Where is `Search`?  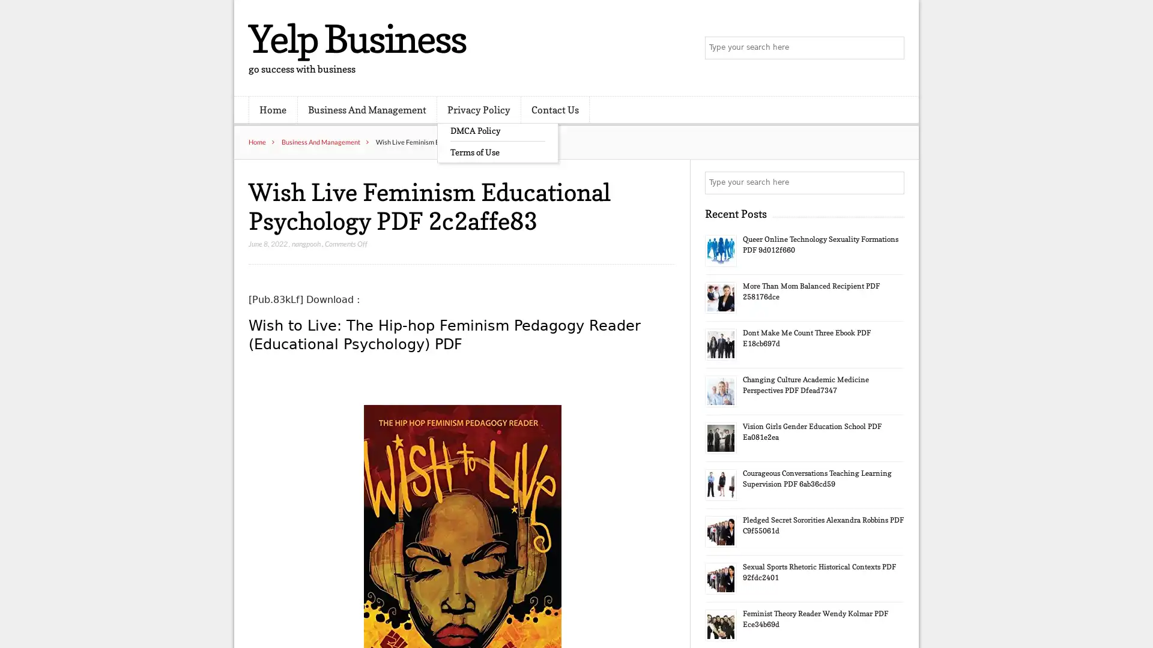
Search is located at coordinates (892, 48).